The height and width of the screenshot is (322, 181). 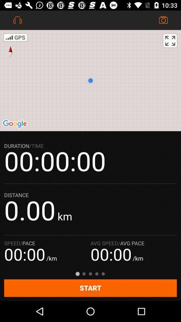 I want to click on the item above the start, so click(x=170, y=40).